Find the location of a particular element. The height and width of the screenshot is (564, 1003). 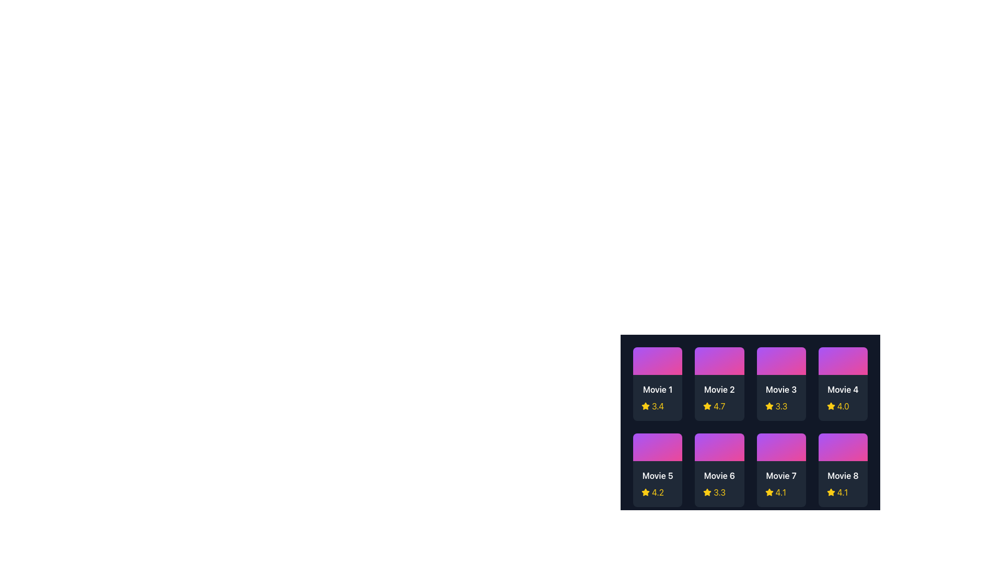

the Card component containing the title 'Movie 2' with a yellow star icon and a rating of '4.7', located in the second card of the first row in a grid layout is located at coordinates (719, 398).